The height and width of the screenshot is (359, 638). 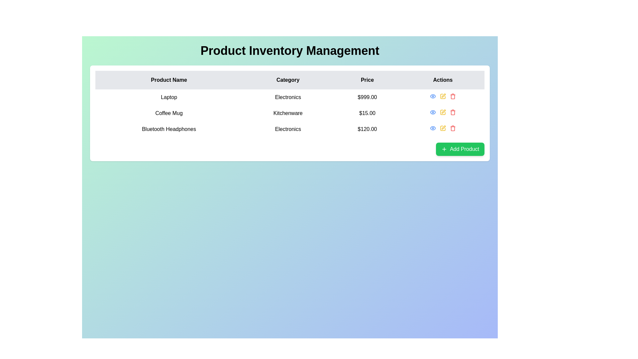 What do you see at coordinates (452, 128) in the screenshot?
I see `the red trash icon in the 'Actions' column of the third row` at bounding box center [452, 128].